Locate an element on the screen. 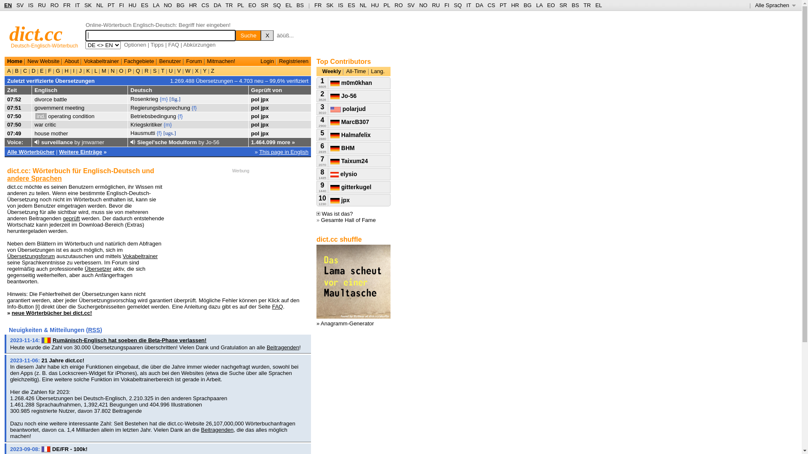  'F' is located at coordinates (49, 70).